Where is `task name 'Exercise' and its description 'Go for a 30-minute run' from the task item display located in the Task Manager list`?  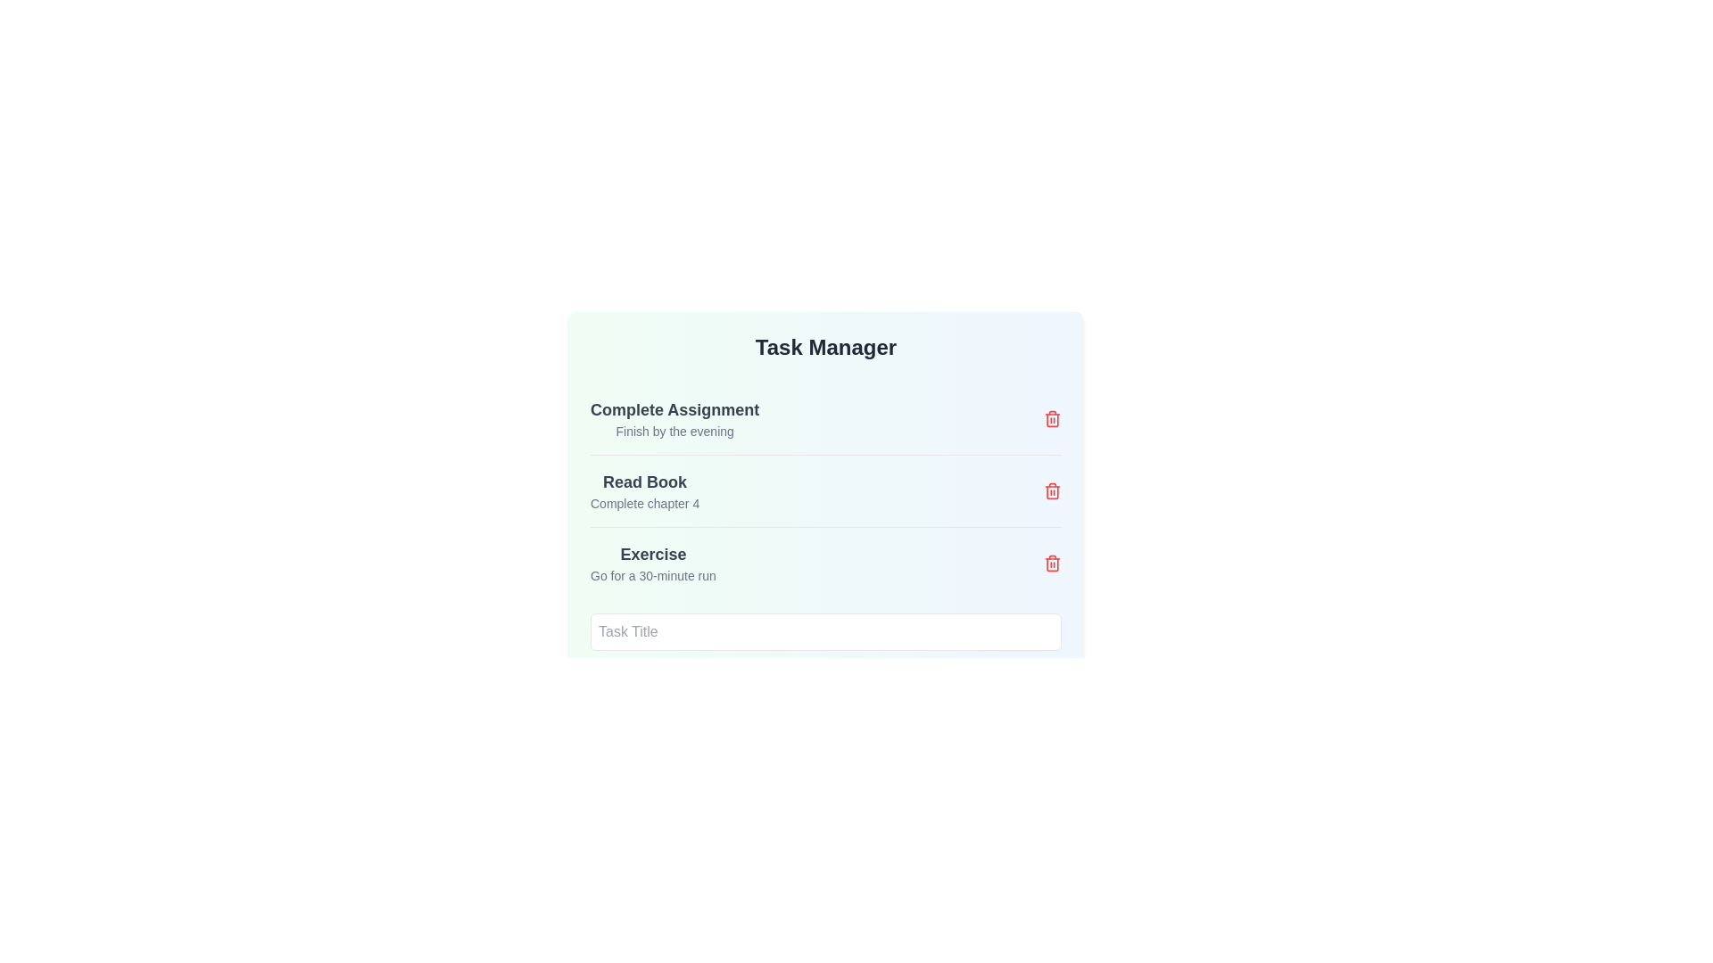
task name 'Exercise' and its description 'Go for a 30-minute run' from the task item display located in the Task Manager list is located at coordinates (825, 542).